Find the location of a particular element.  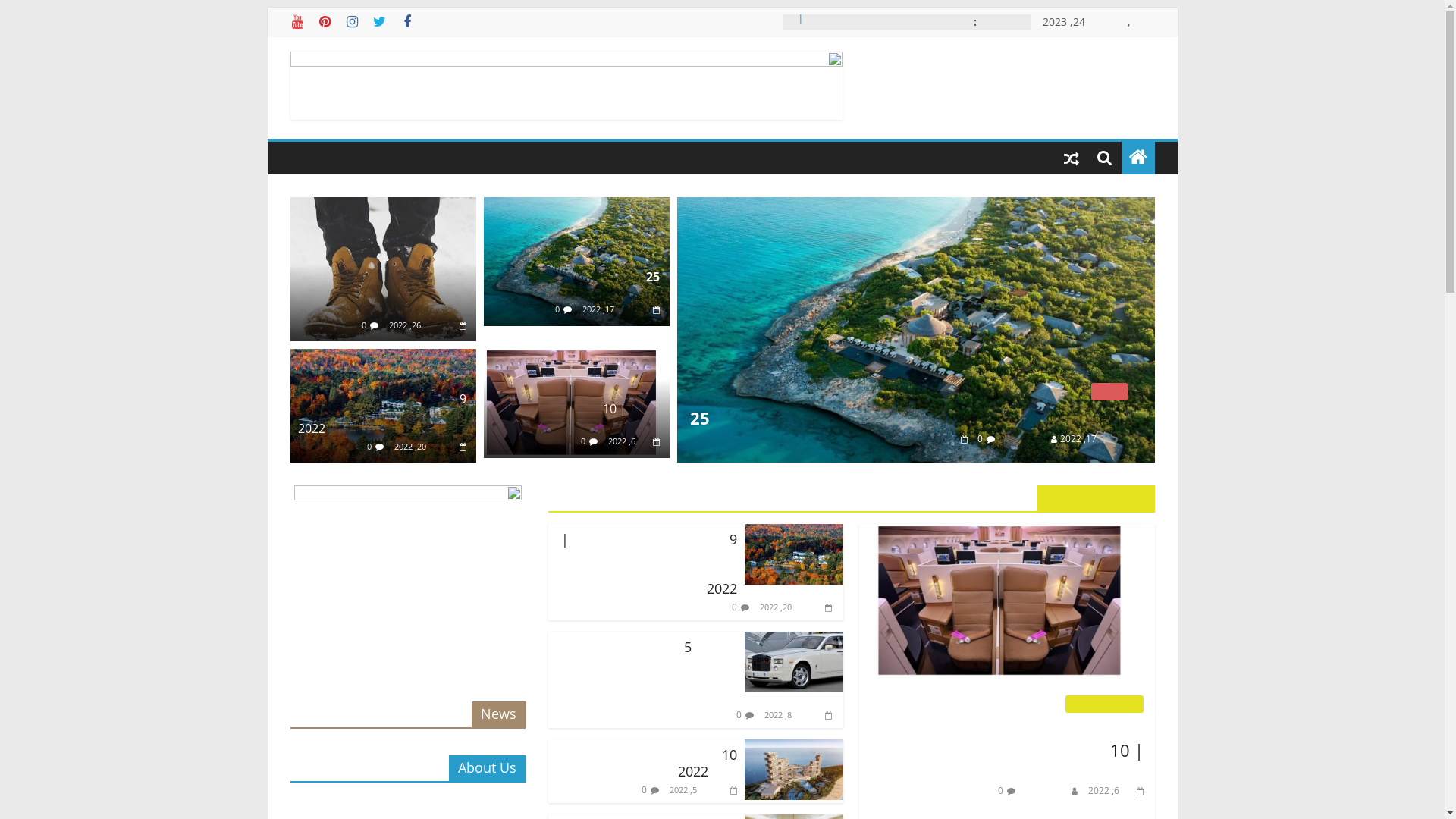

'0' is located at coordinates (364, 324).